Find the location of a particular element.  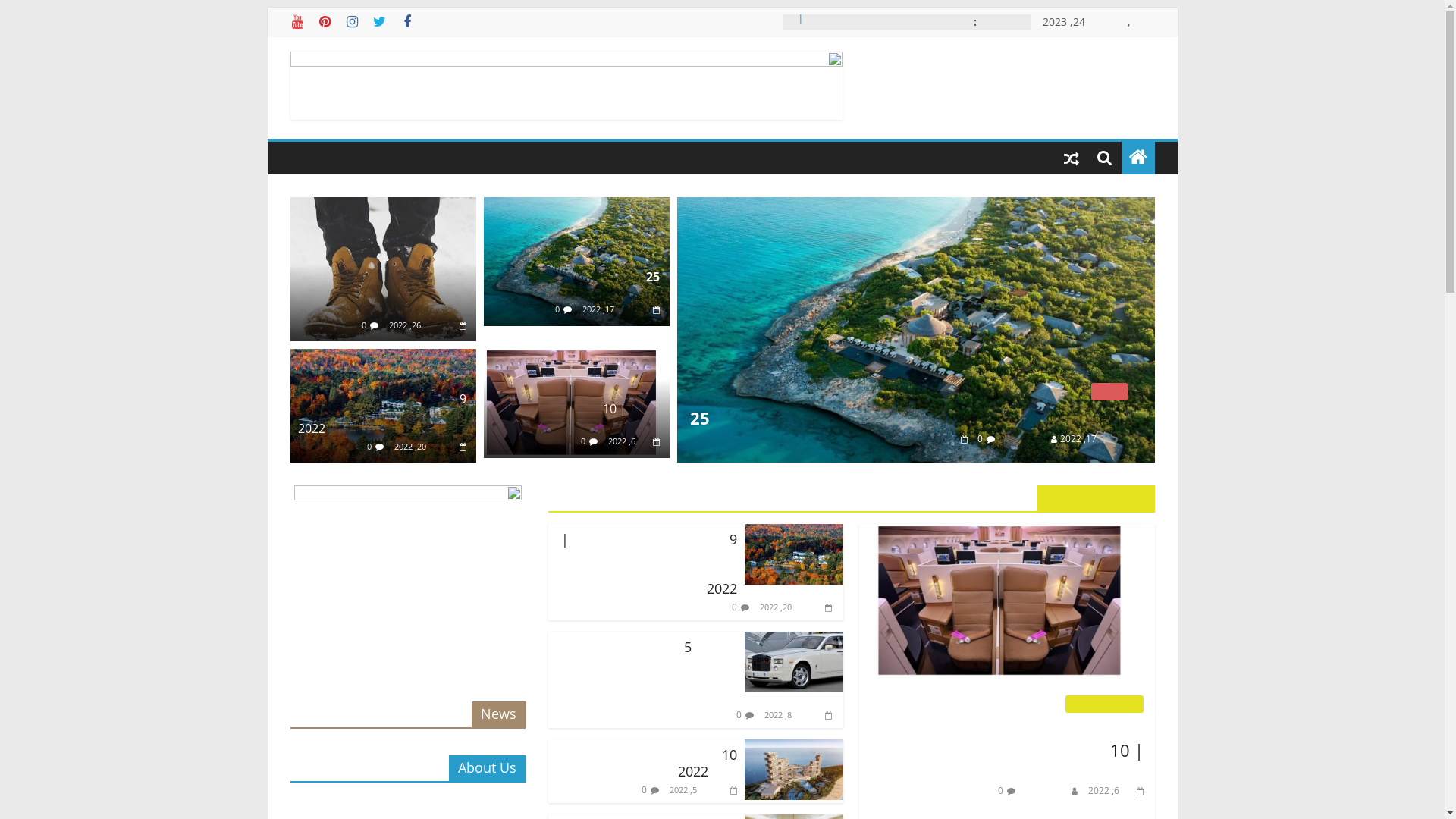

'0' is located at coordinates (364, 324).